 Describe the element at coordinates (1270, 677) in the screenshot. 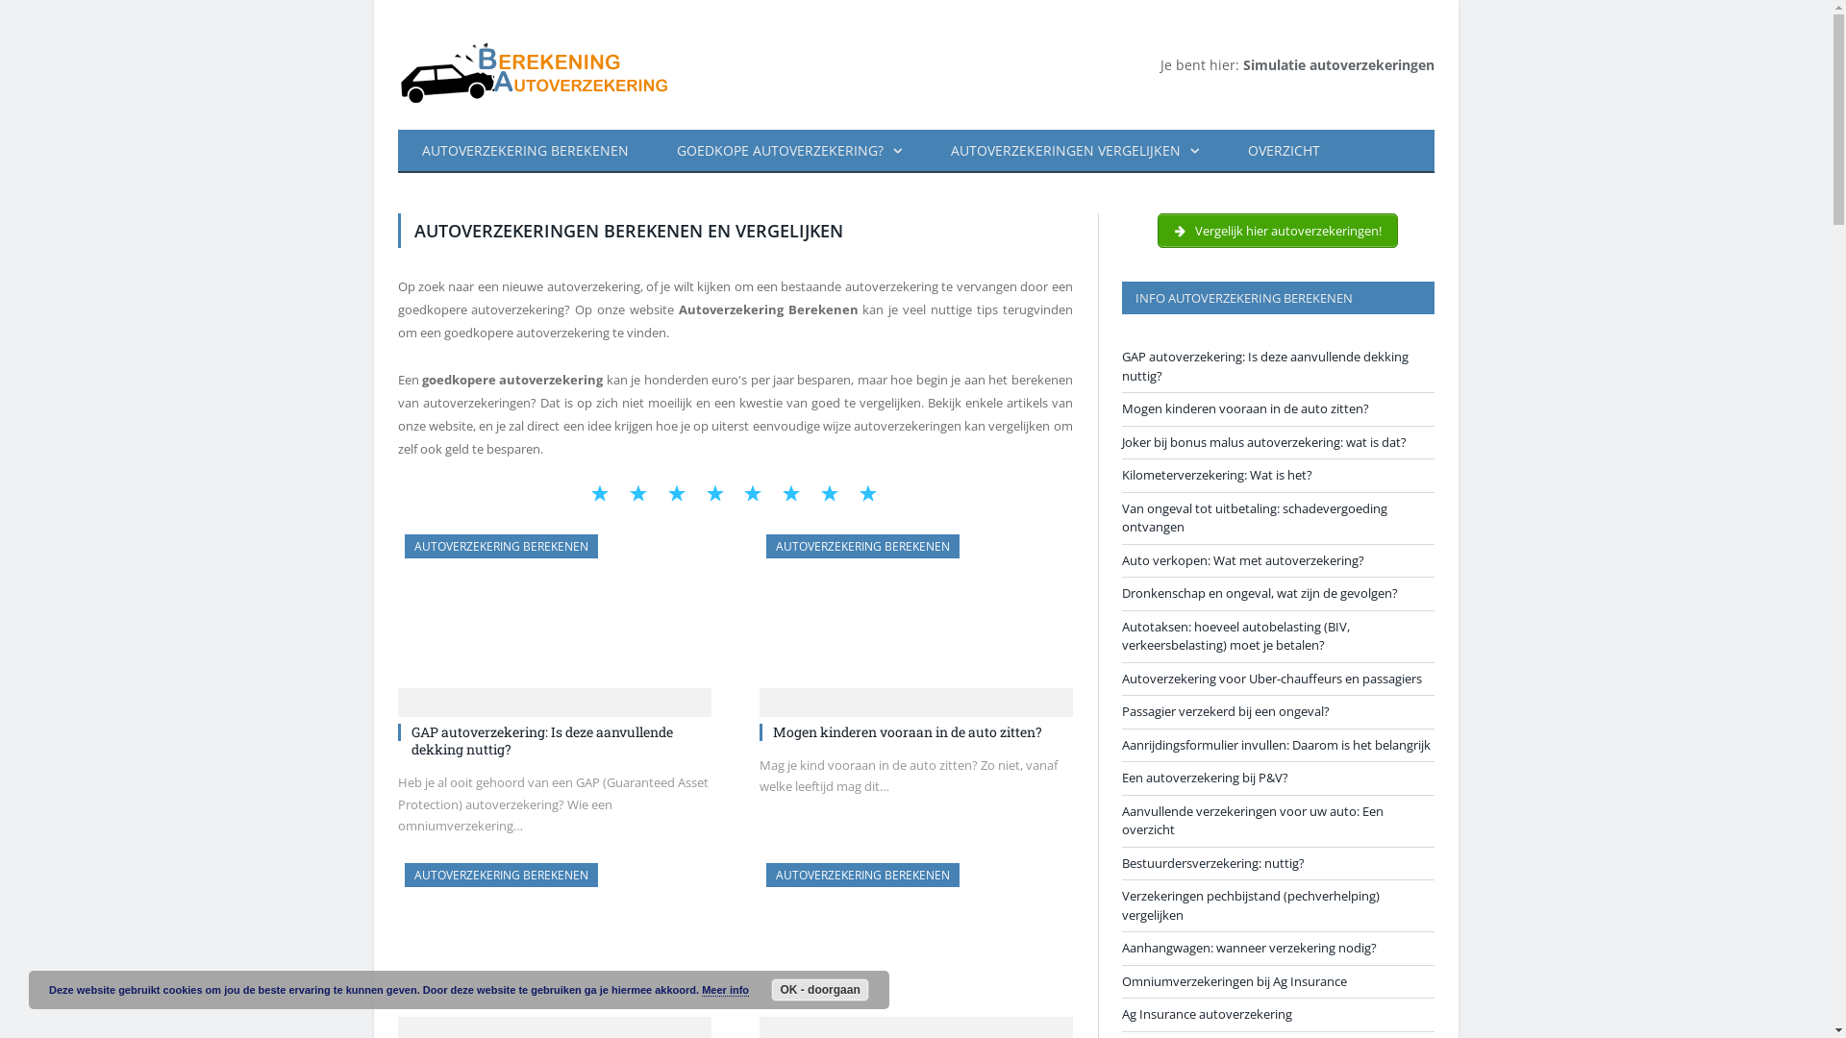

I see `'Autoverzekering voor Uber-chauffeurs en passagiers'` at that location.